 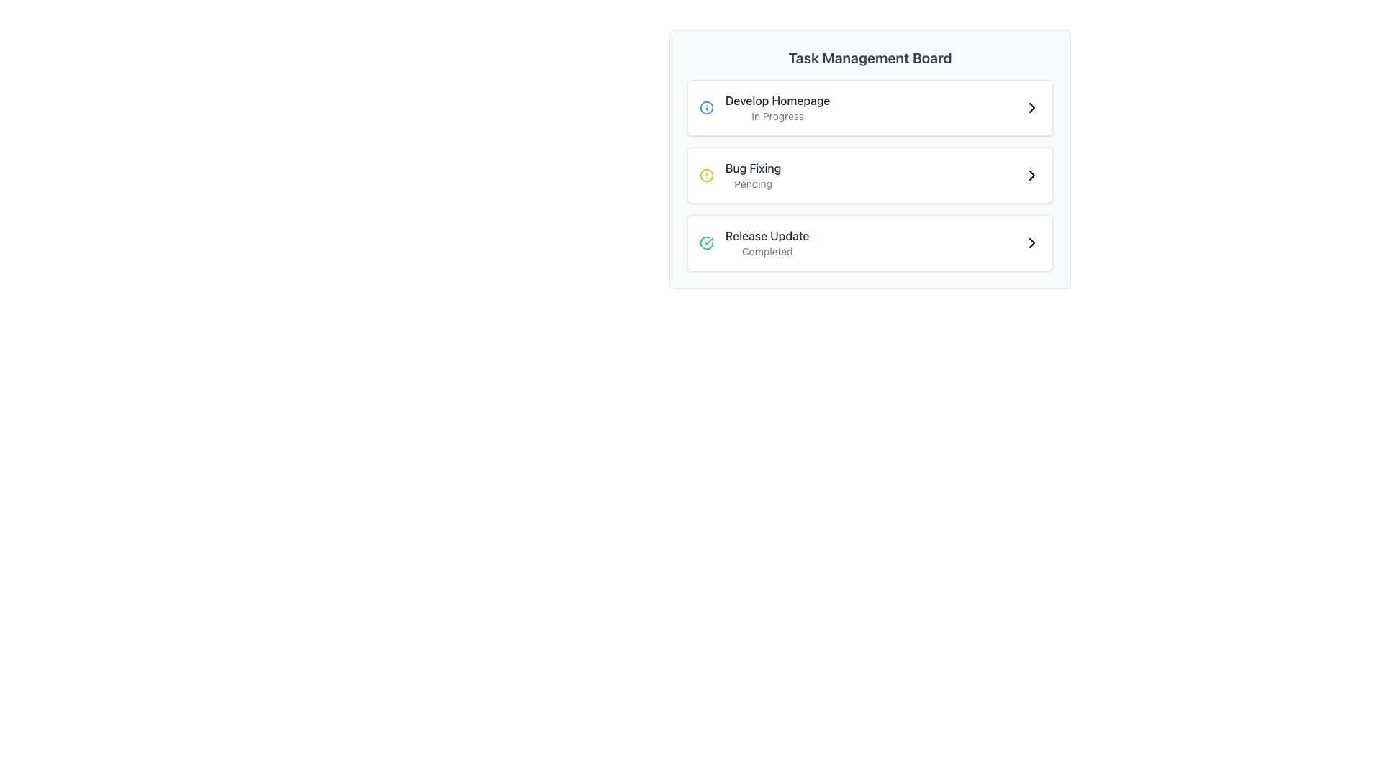 I want to click on the text display group element labeled 'Develop Homepage' with the status 'In Progress', which is the first task in the task management board, so click(x=777, y=107).